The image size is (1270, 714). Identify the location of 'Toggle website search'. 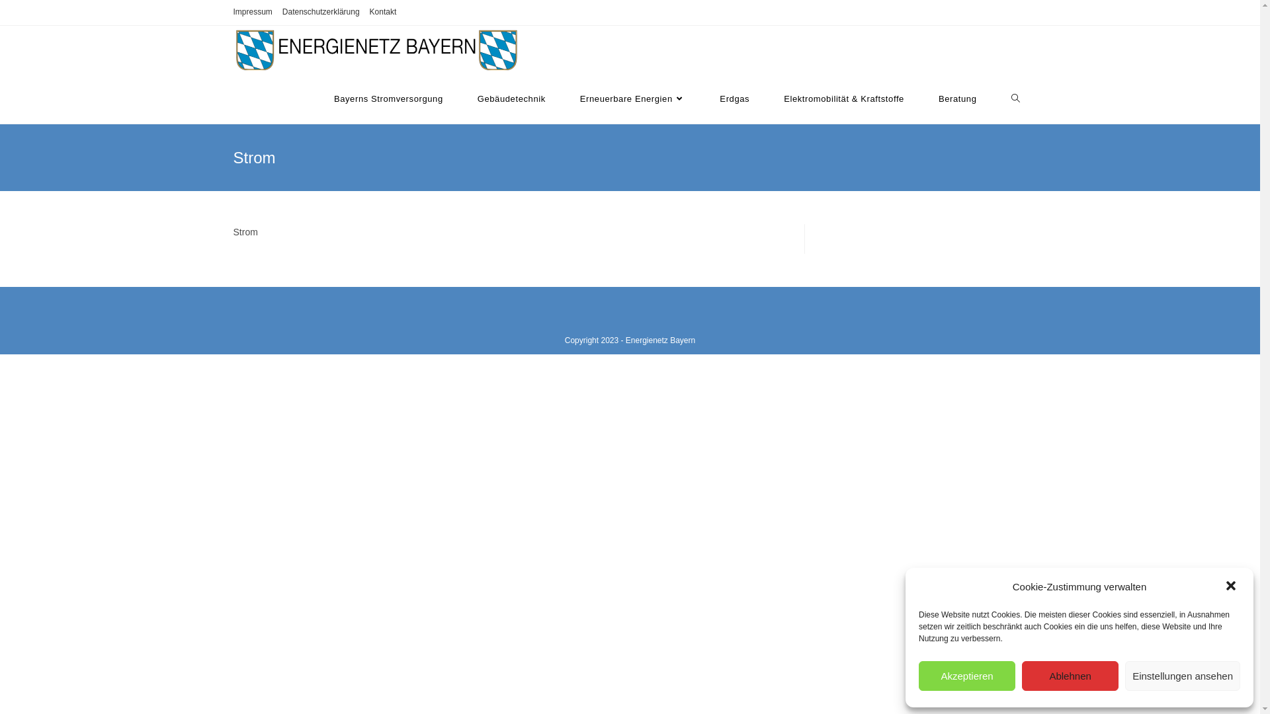
(994, 99).